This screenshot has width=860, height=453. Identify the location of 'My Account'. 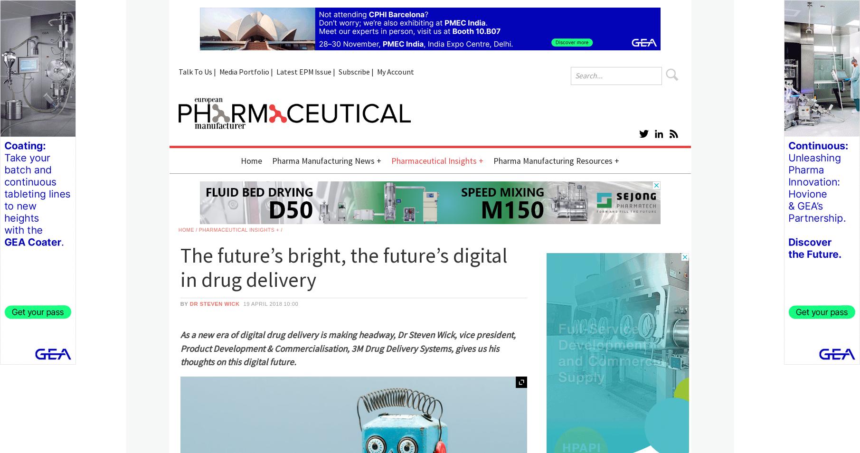
(395, 71).